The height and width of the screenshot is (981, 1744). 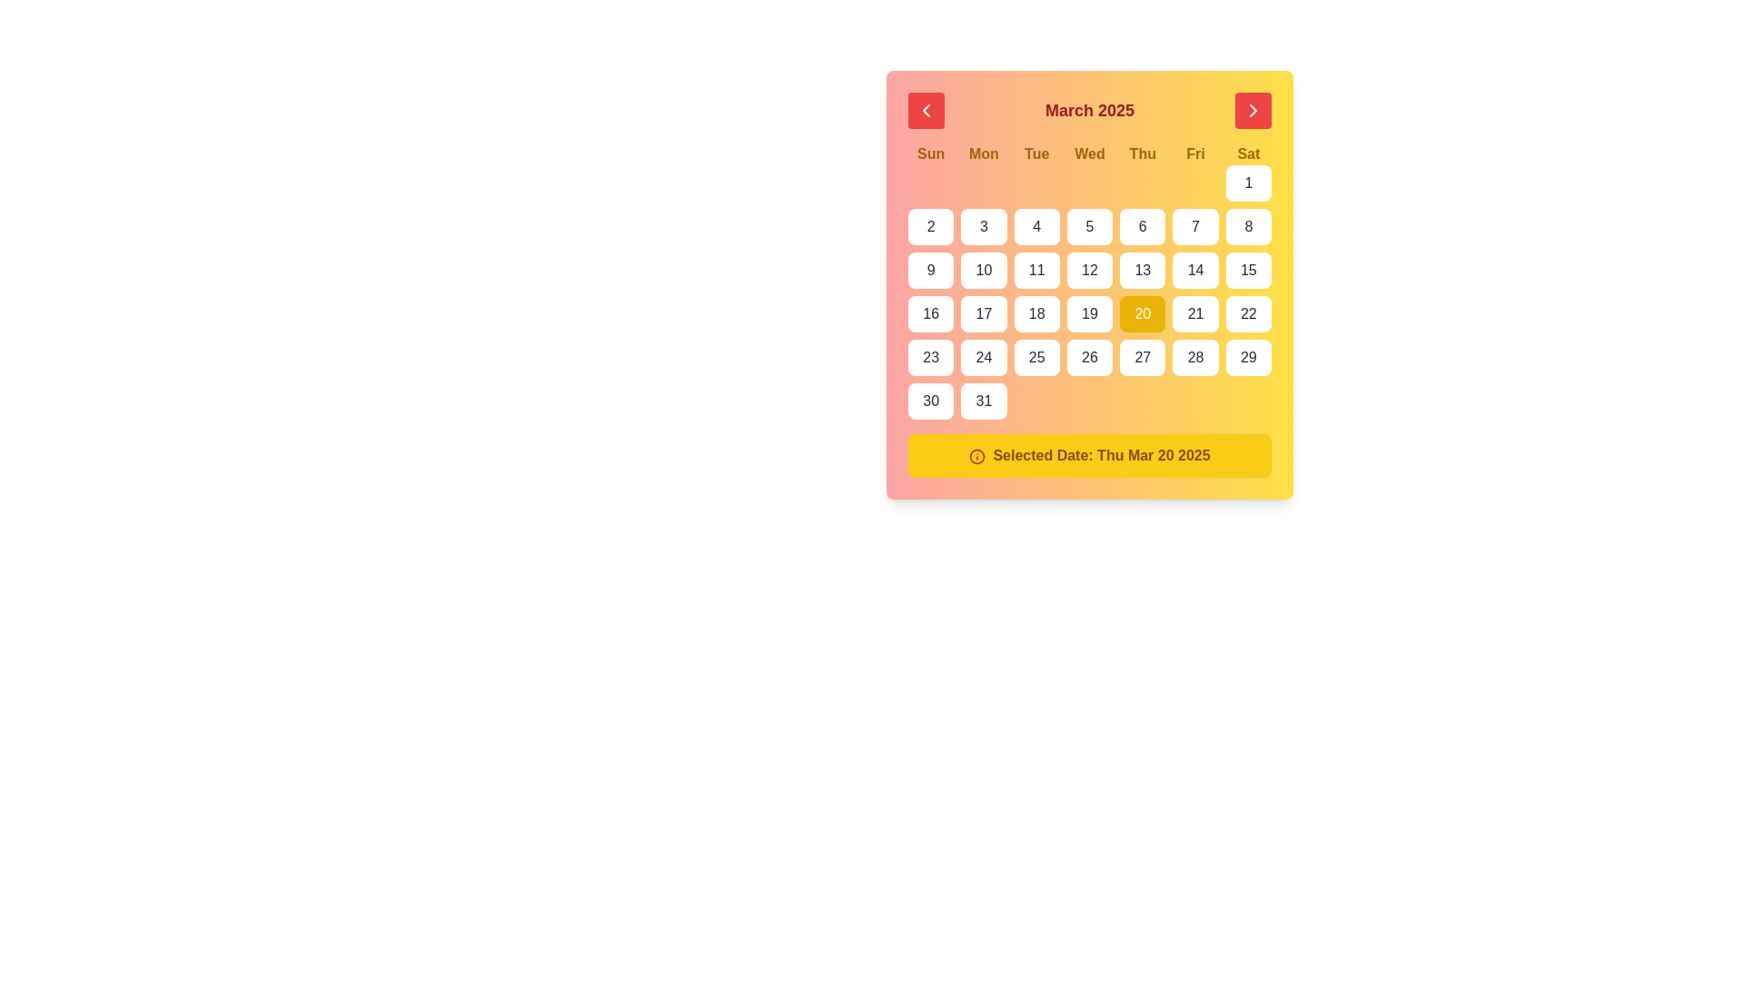 I want to click on the text label displaying 'Mon' in bold yellow font, which is located in the top section of a calendar interface as the second item in the row of seven days, so click(x=983, y=153).